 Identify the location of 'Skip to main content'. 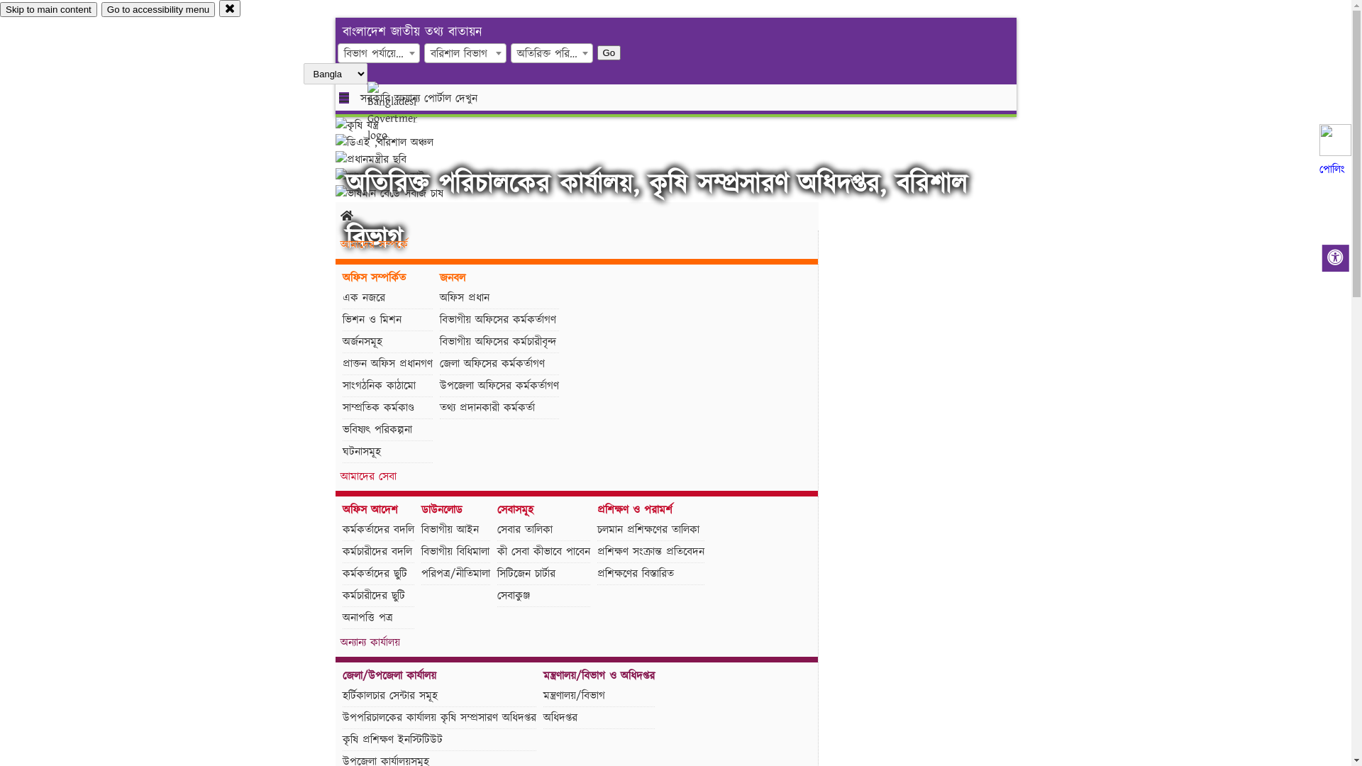
(48, 9).